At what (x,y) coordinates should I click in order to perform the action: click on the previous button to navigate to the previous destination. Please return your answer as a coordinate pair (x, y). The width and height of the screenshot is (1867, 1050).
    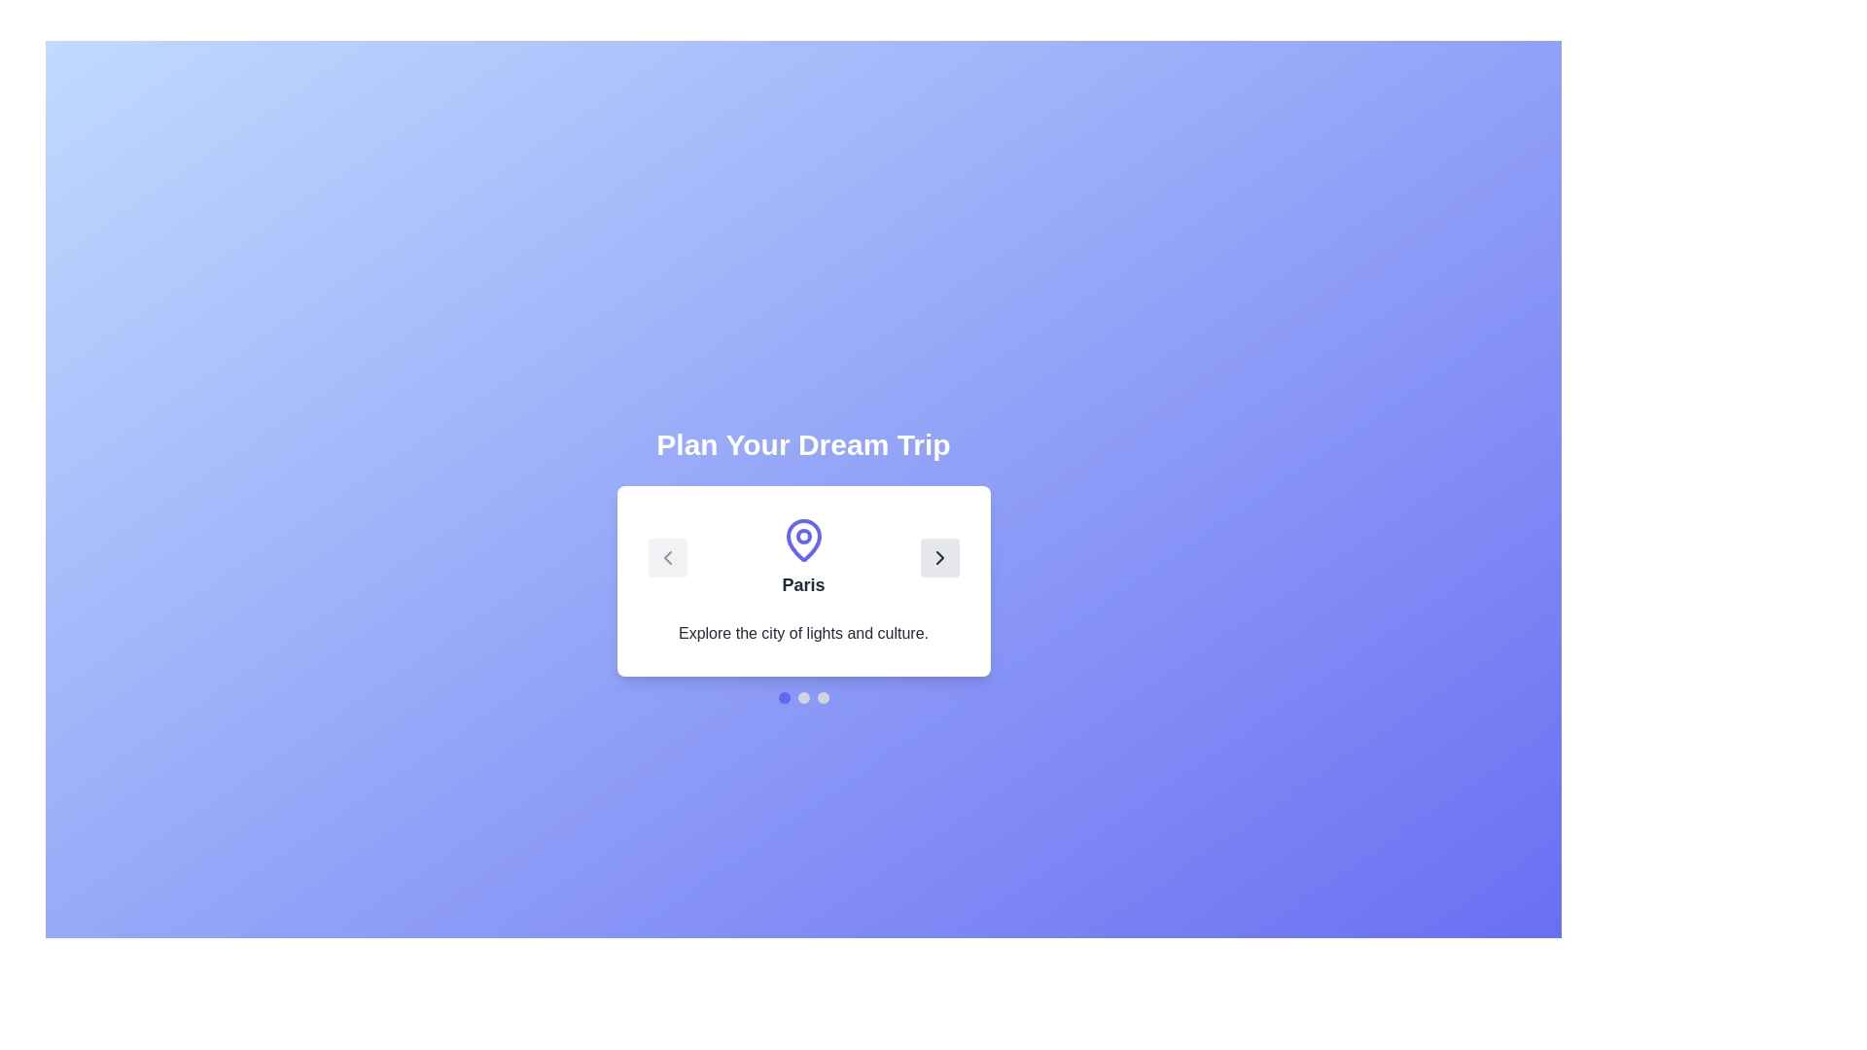
    Looking at the image, I should click on (667, 558).